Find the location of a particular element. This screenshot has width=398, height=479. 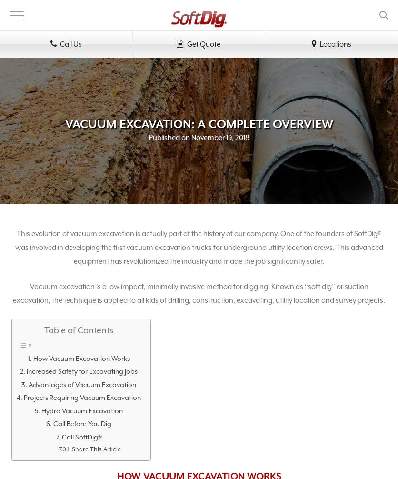

'Call Before You Dig' is located at coordinates (81, 423).